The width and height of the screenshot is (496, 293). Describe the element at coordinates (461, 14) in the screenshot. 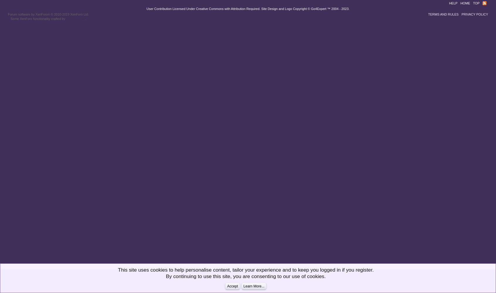

I see `'Privacy Policy'` at that location.